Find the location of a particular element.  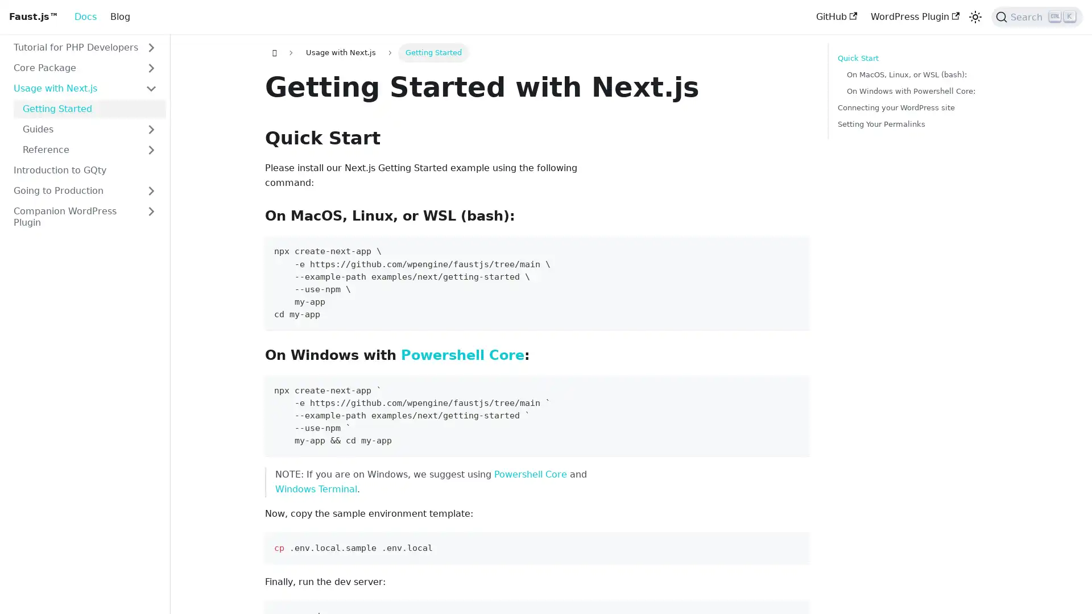

Copy code to clipboard is located at coordinates (795, 388).